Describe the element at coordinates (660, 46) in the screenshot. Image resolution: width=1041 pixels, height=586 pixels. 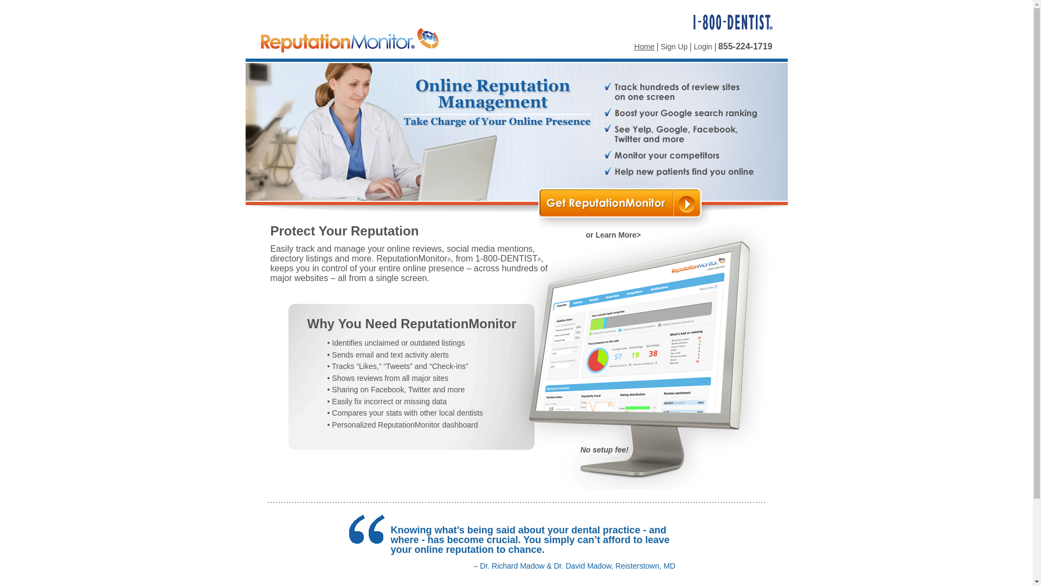
I see `'Sign Up'` at that location.